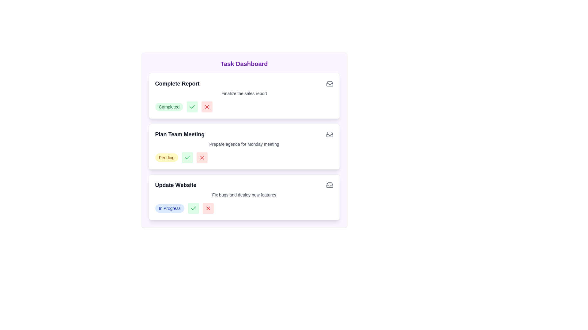  I want to click on the task titled 'Update Website' to view its details, so click(175, 185).